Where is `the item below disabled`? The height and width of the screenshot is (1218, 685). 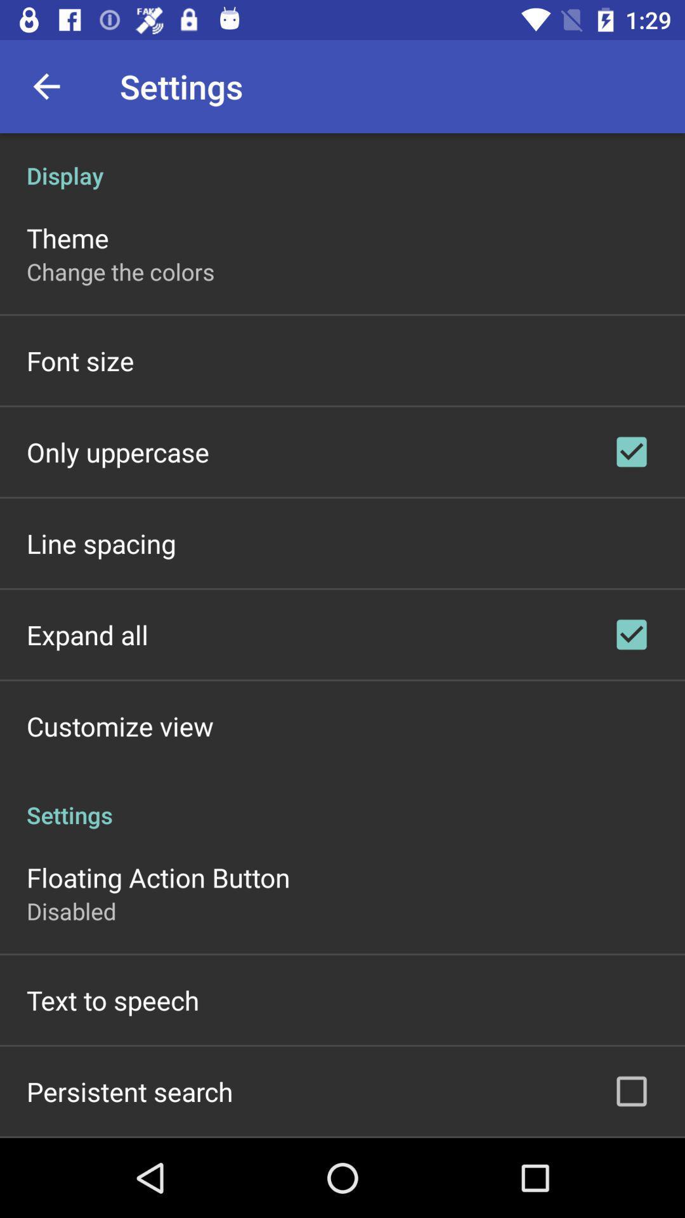
the item below disabled is located at coordinates (112, 999).